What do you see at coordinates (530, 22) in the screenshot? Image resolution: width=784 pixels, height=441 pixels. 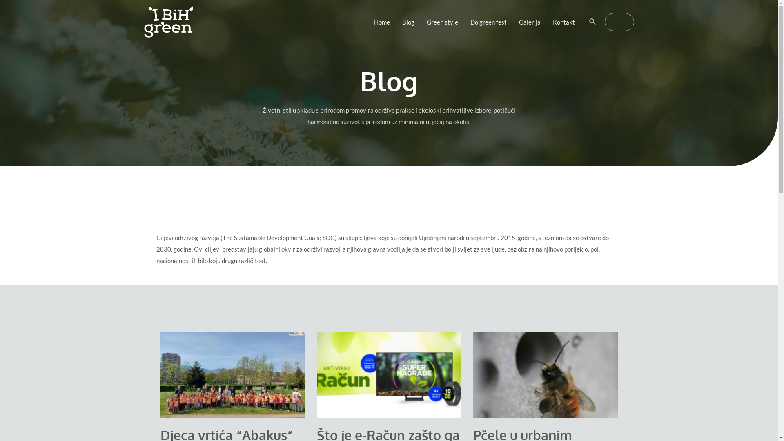 I see `'Galerija'` at bounding box center [530, 22].